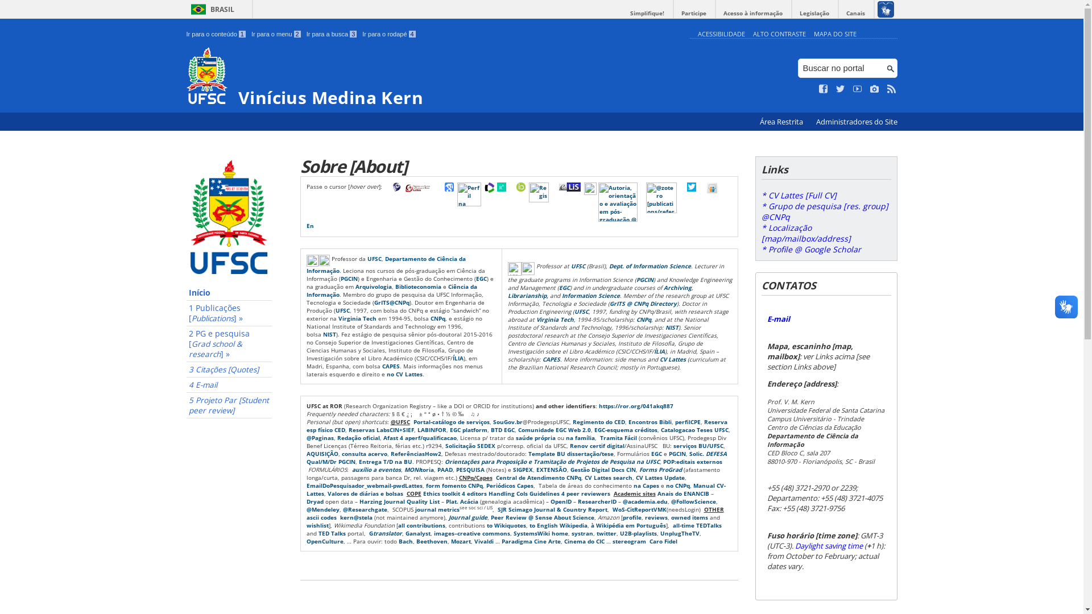  What do you see at coordinates (455, 492) in the screenshot?
I see `'Ethics toolkit 4 editors'` at bounding box center [455, 492].